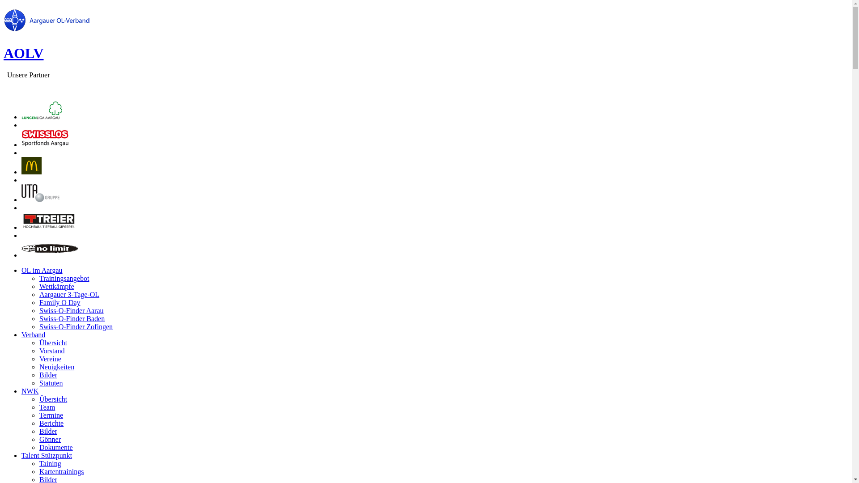  Describe the element at coordinates (50, 358) in the screenshot. I see `'Vereine'` at that location.